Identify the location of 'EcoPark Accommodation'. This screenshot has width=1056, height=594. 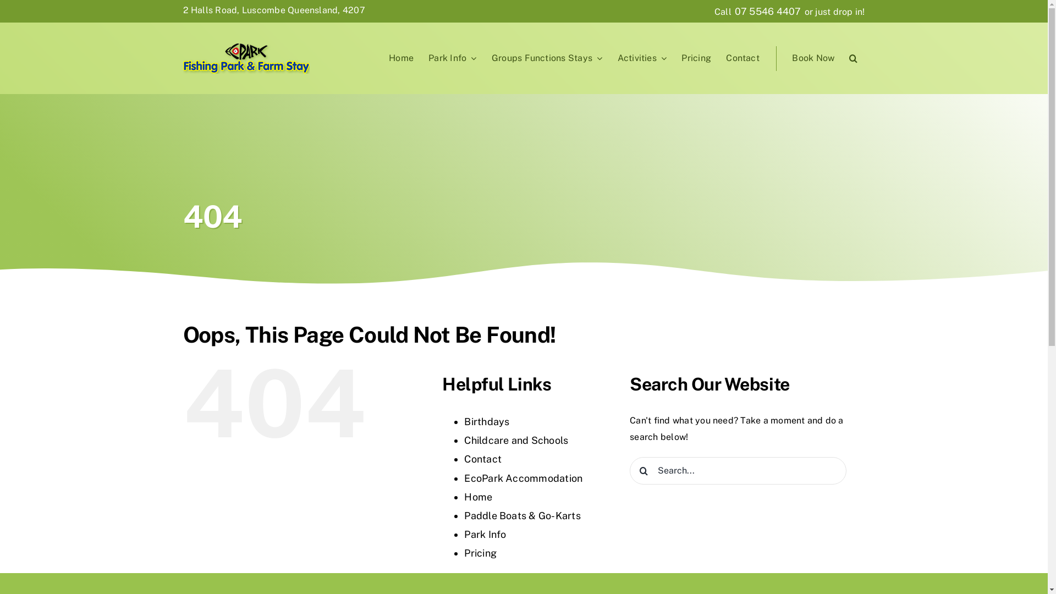
(522, 477).